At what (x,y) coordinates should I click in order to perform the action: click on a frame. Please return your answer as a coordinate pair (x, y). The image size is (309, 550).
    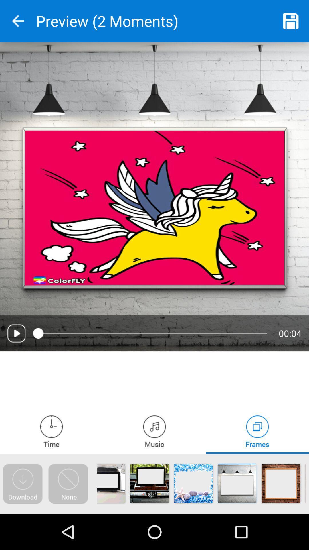
    Looking at the image, I should click on (257, 431).